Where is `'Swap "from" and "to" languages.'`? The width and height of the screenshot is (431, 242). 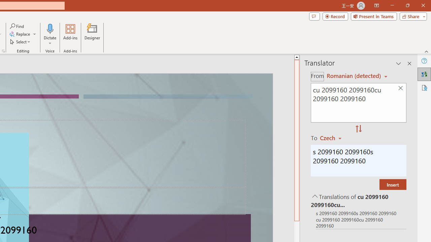
'Swap "from" and "to" languages.' is located at coordinates (358, 129).